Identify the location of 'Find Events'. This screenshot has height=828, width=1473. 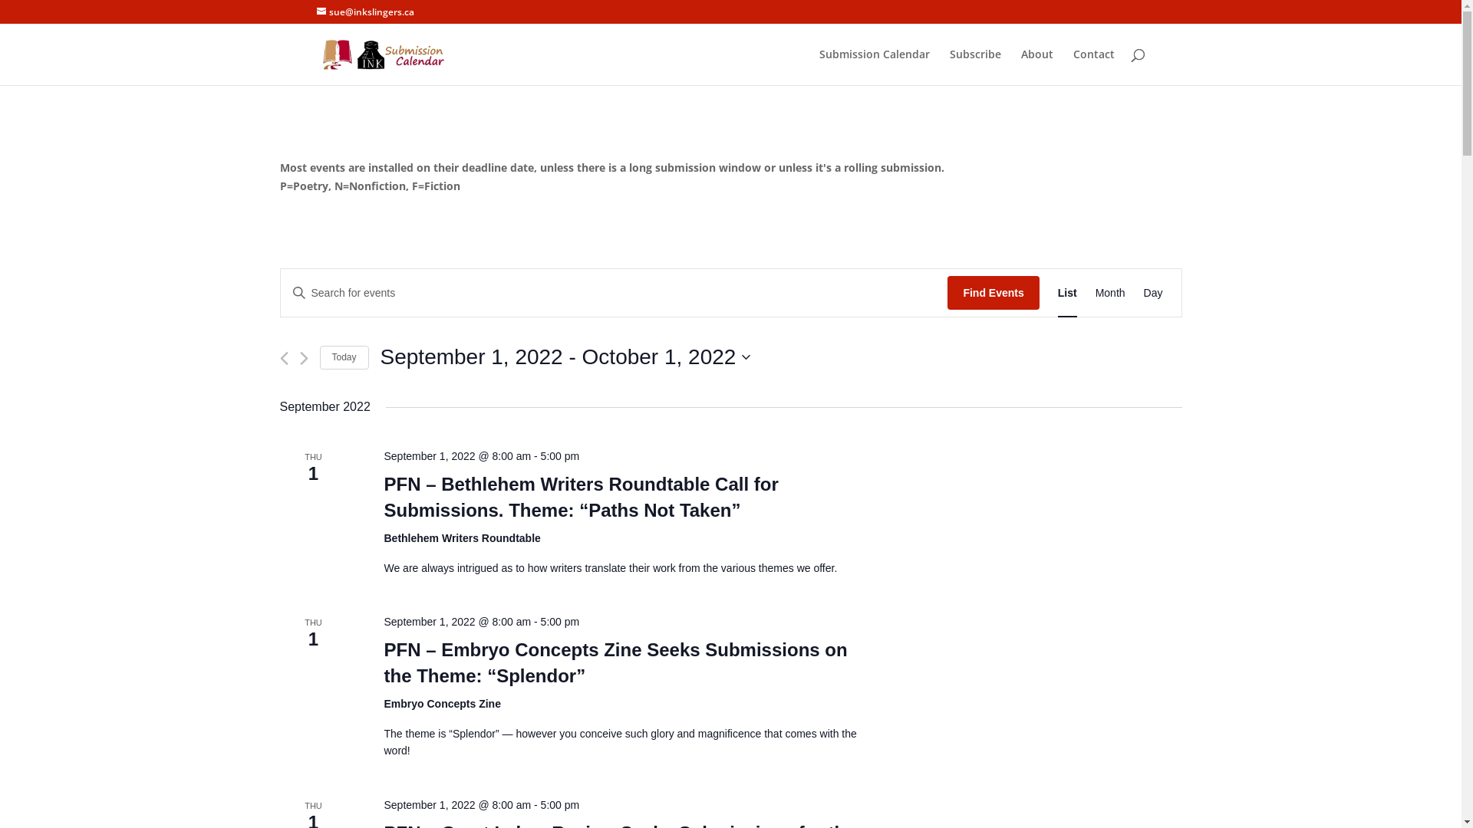
(946, 293).